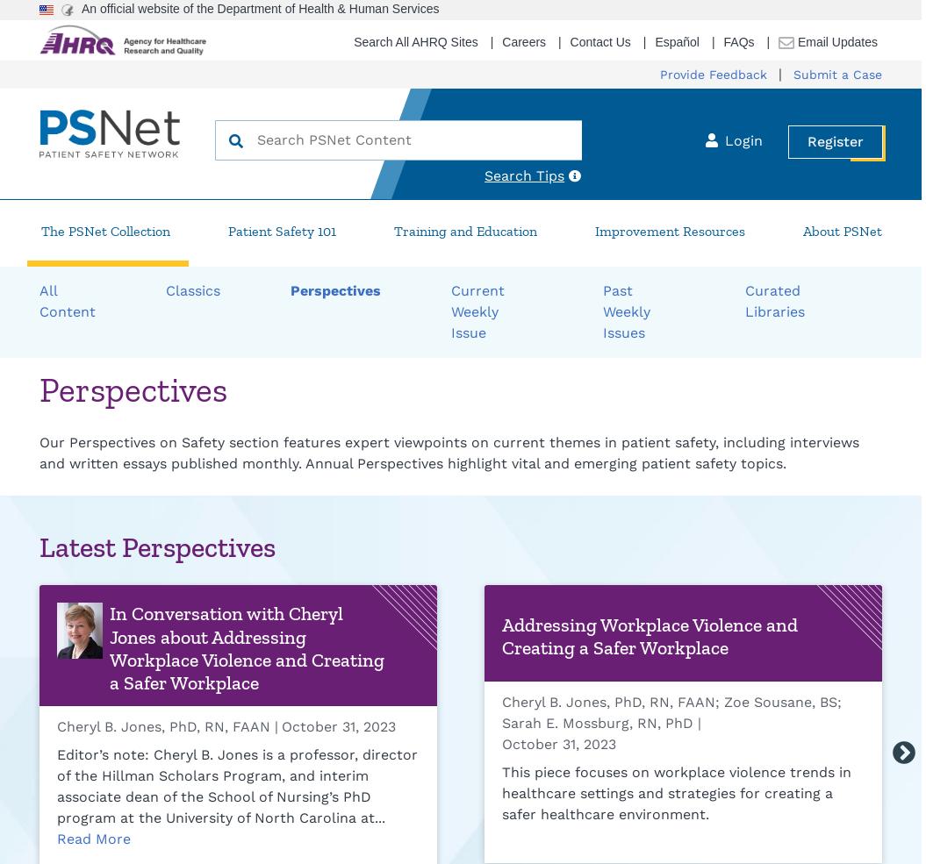  What do you see at coordinates (463, 230) in the screenshot?
I see `'Training and Education'` at bounding box center [463, 230].